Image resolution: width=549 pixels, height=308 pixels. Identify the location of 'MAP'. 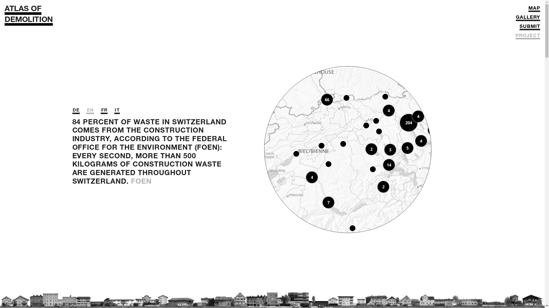
(534, 9).